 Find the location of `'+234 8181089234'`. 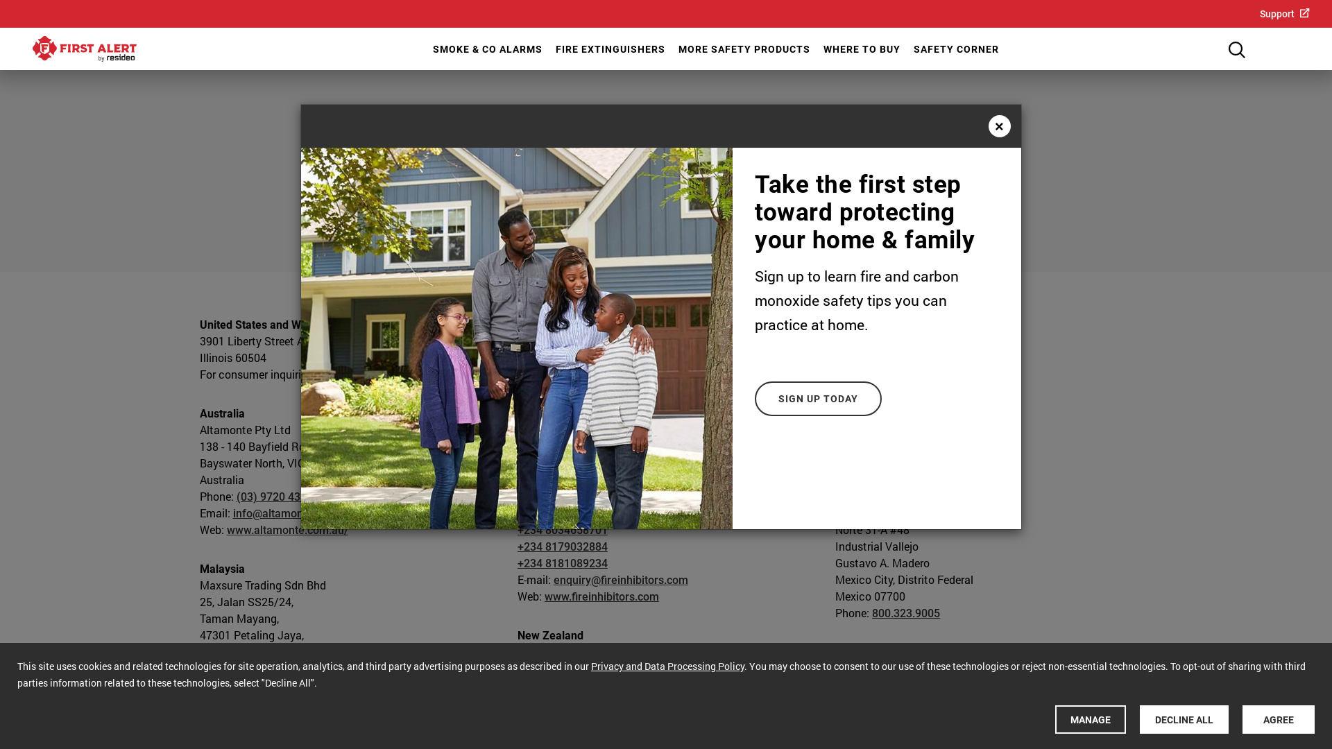

'+234 8181089234' is located at coordinates (563, 562).